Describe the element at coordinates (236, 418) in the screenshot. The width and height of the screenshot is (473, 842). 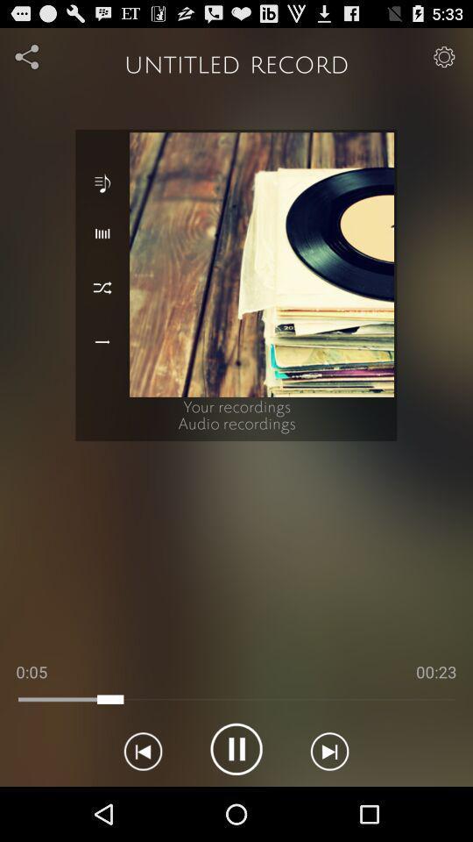
I see `text below image` at that location.